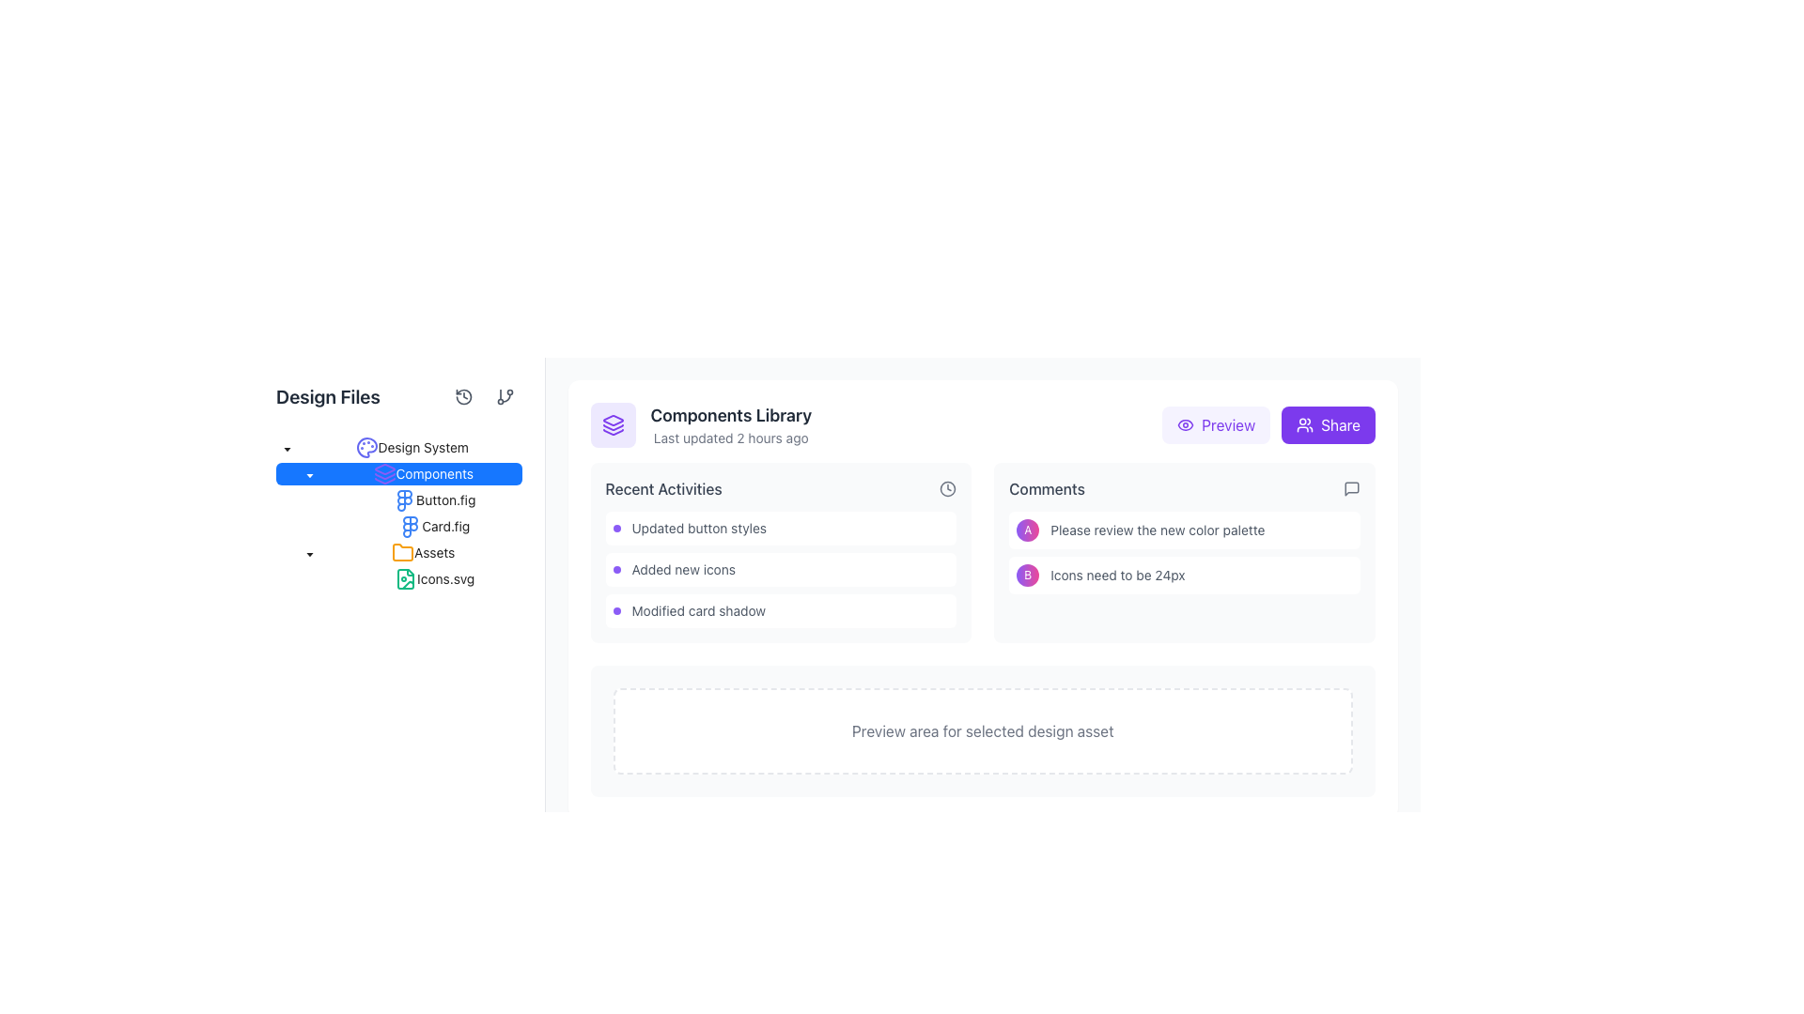 The height and width of the screenshot is (1014, 1804). I want to click on the Text label that serves as a header for the 'Design Files' section, located at the top left corner of the interface near the navigation tree, so click(328, 396).